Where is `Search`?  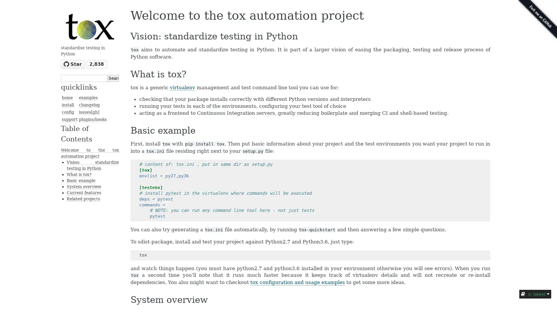 Search is located at coordinates (113, 78).